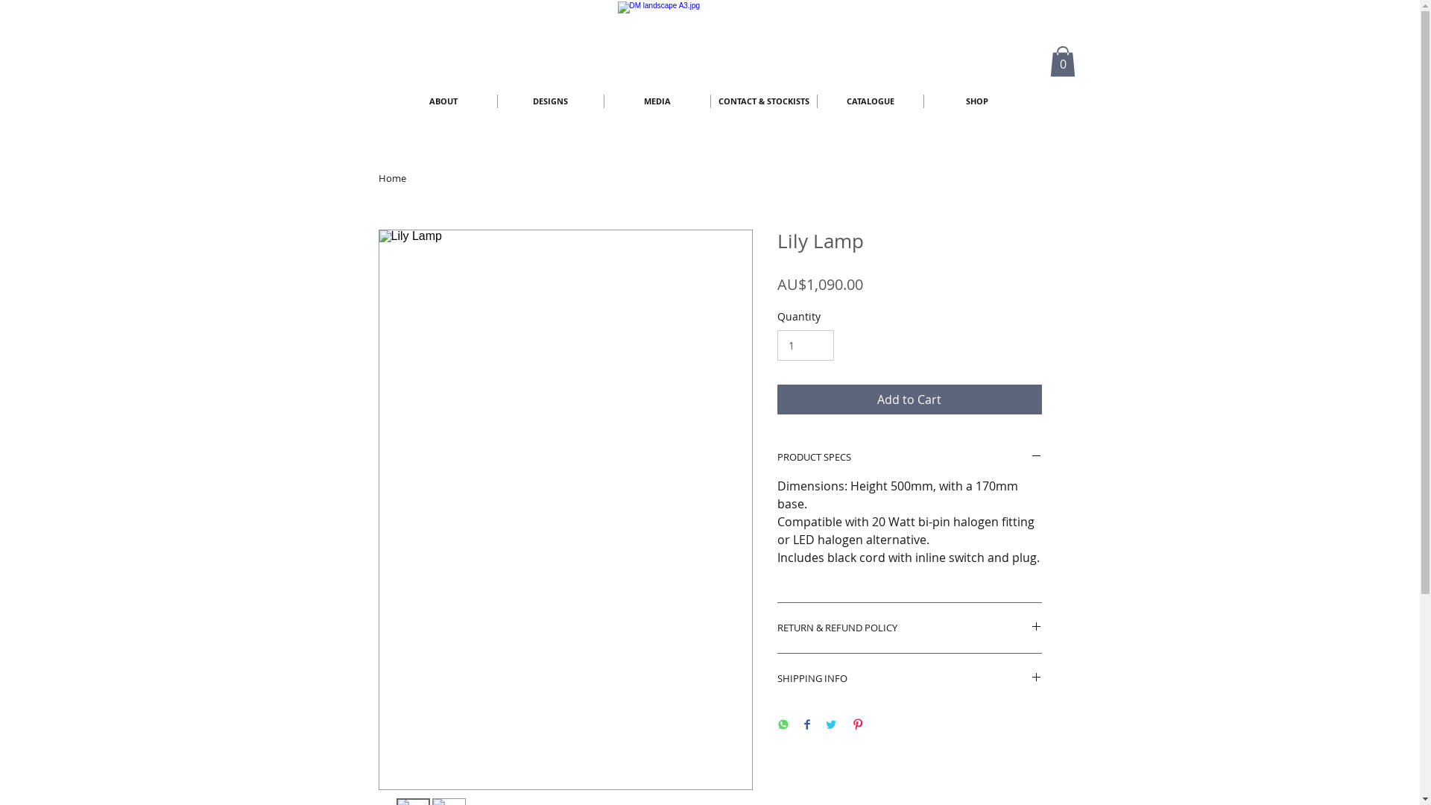  I want to click on 'Home', so click(392, 177).